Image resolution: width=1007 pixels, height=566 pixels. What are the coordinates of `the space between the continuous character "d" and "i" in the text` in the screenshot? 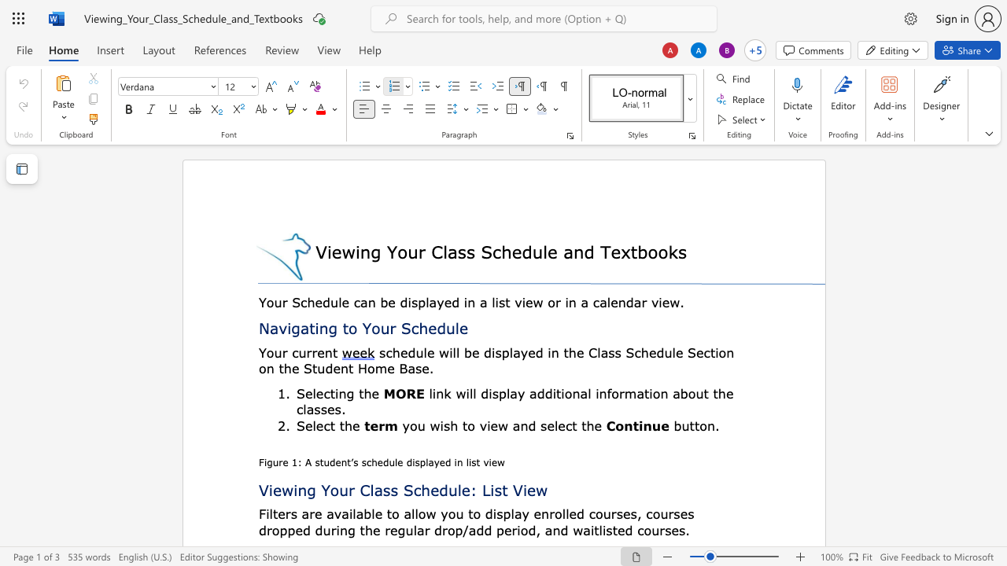 It's located at (489, 351).